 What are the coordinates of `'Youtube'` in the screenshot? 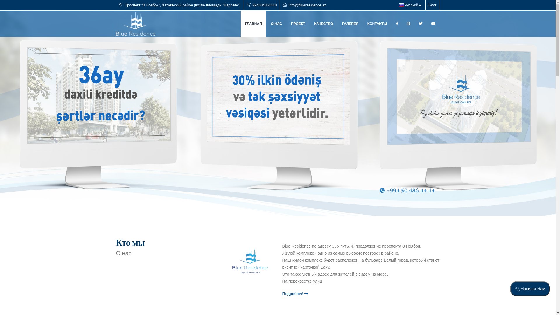 It's located at (433, 23).